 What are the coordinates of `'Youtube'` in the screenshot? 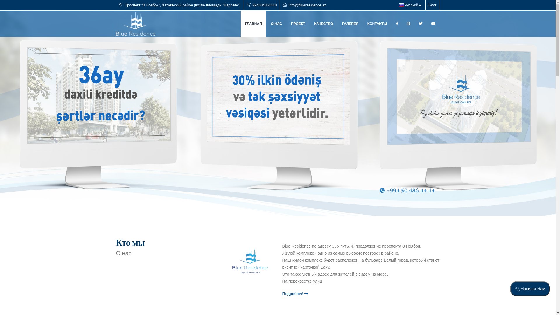 It's located at (433, 23).